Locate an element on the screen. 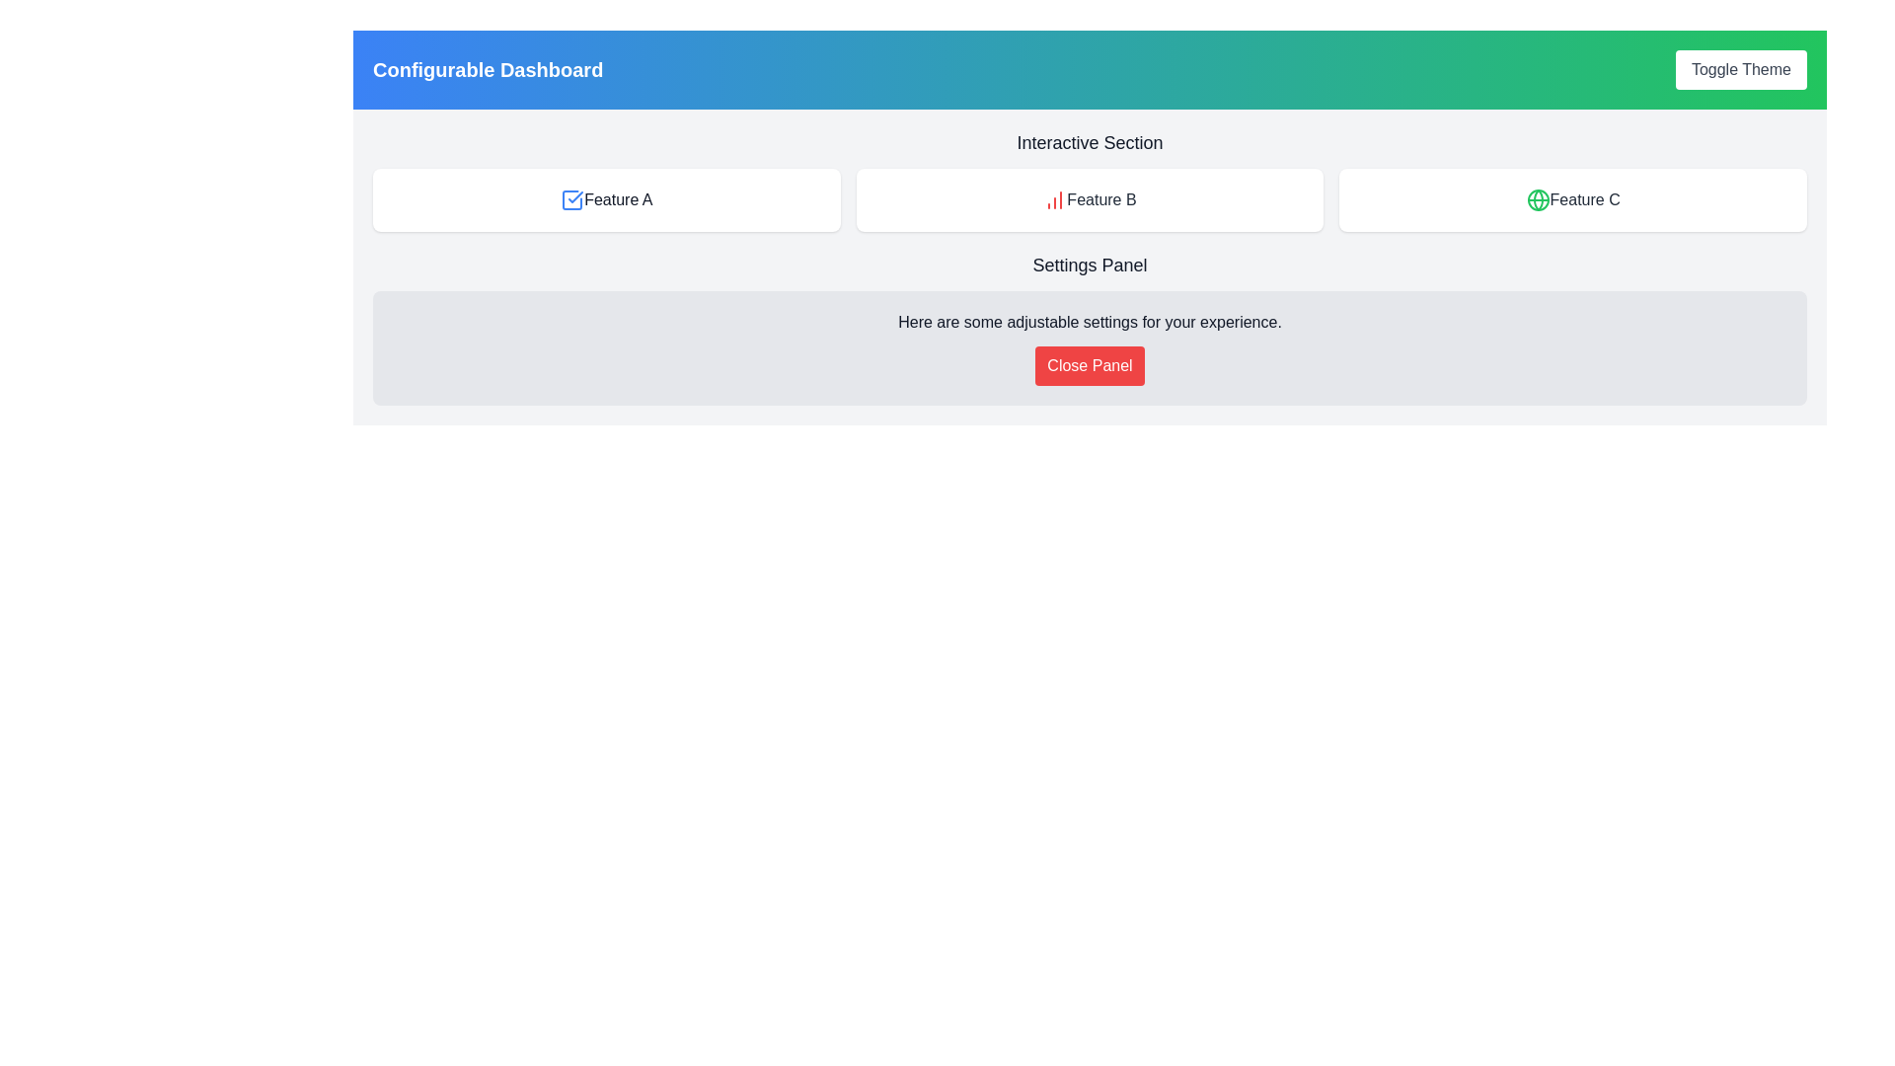 The height and width of the screenshot is (1066, 1895). the informative text label located in the 'Settings Panel' above the 'Close Panel' button, which provides a description of the settings or features available is located at coordinates (1089, 322).